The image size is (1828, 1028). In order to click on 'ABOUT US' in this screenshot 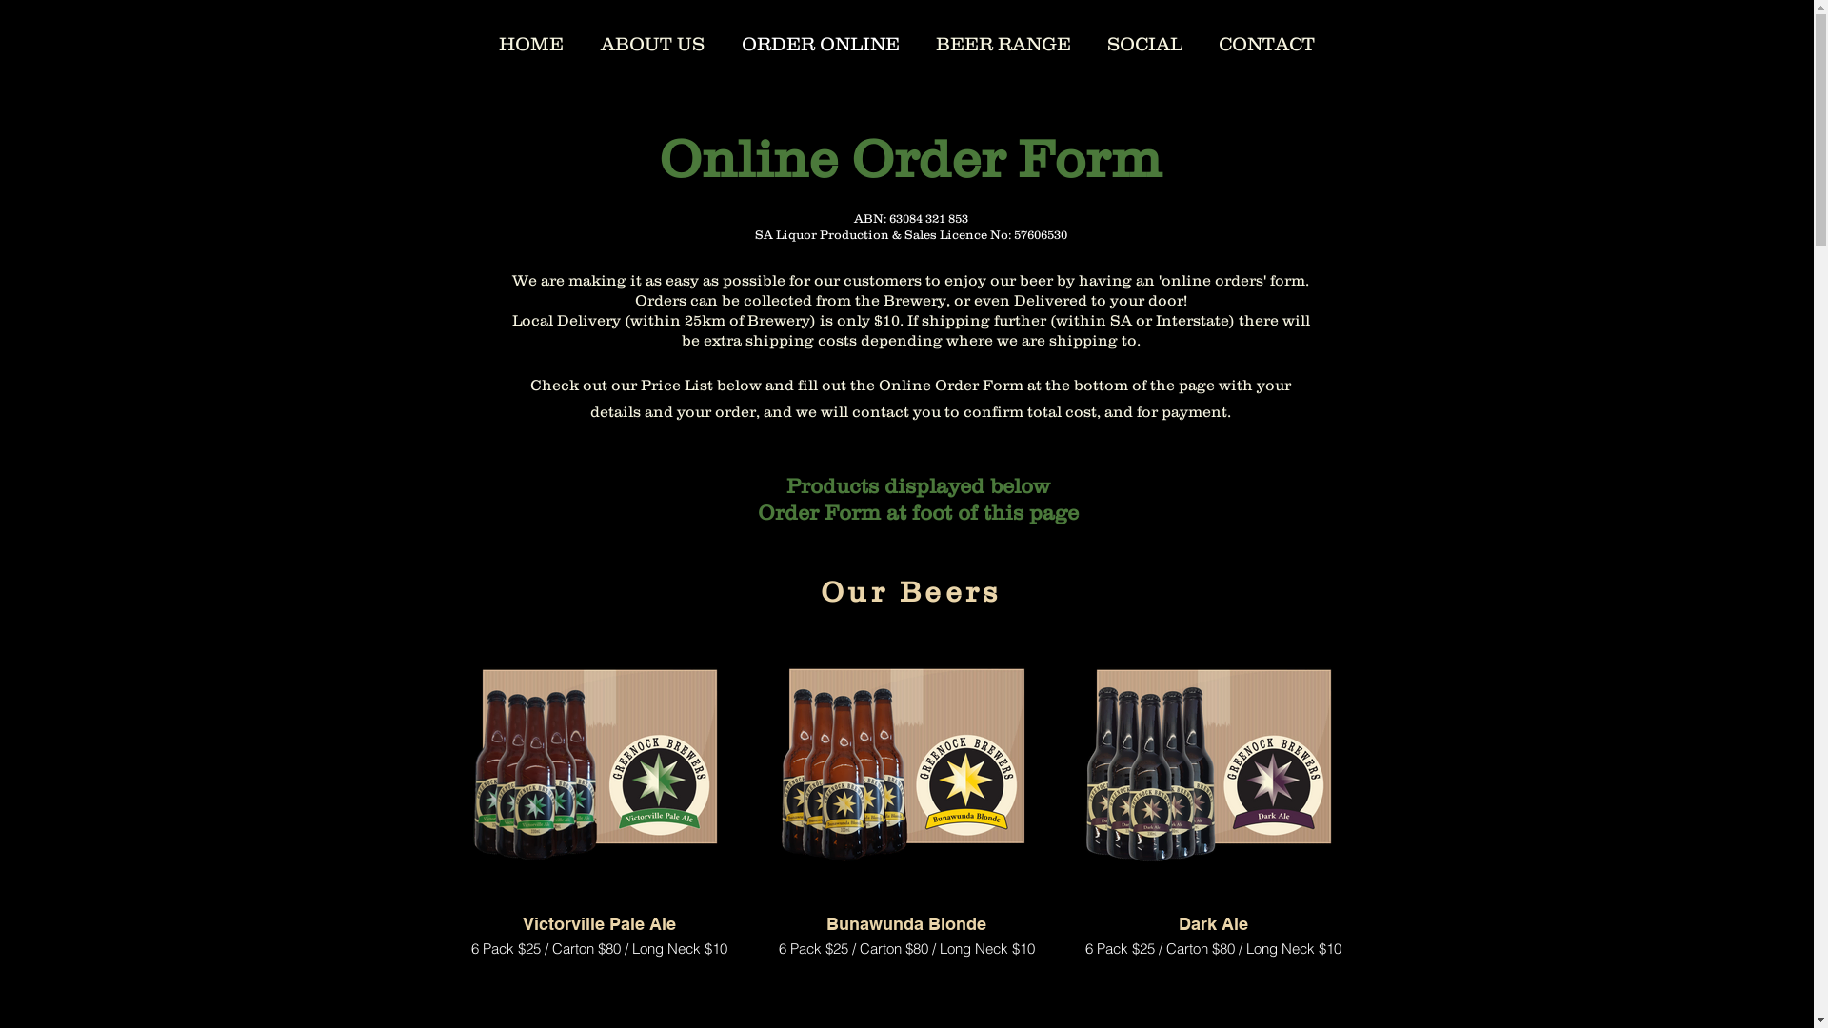, I will do `click(653, 41)`.